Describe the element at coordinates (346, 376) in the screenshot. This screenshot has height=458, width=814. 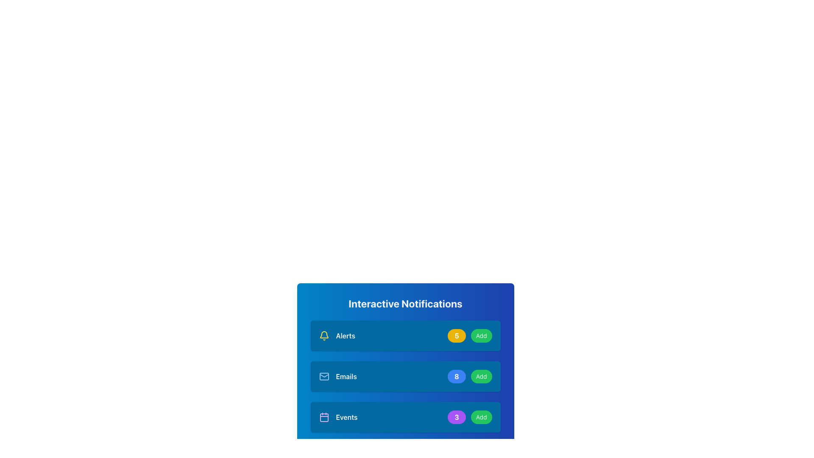
I see `the second text label in the 'Interactive Notifications' list, which is right-aligned to the envelope icon, positioned between 'Alerts' and 'Events'` at that location.